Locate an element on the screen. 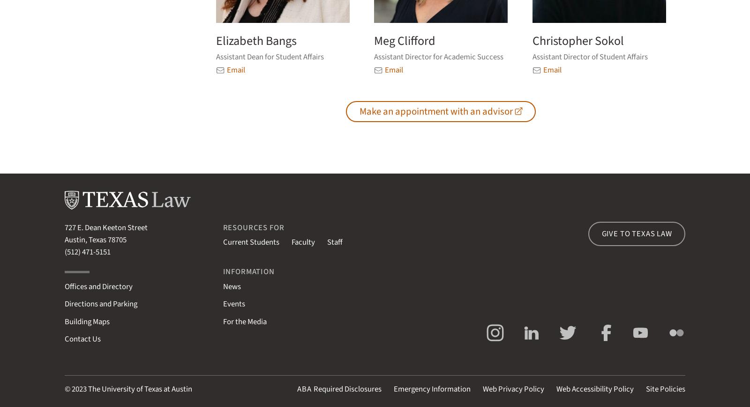 The image size is (750, 407). 'Offices and Directory' is located at coordinates (98, 285).